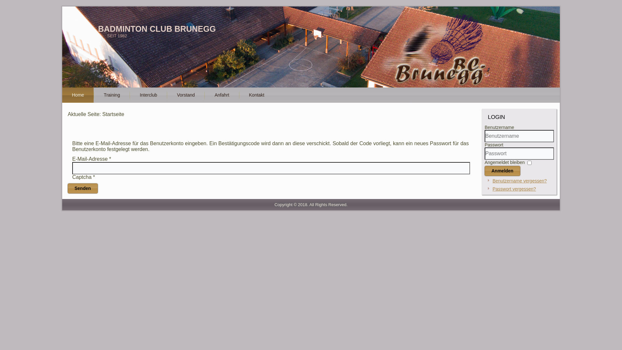  What do you see at coordinates (157, 28) in the screenshot?
I see `'BADMINTON CLUB BRUNEGG'` at bounding box center [157, 28].